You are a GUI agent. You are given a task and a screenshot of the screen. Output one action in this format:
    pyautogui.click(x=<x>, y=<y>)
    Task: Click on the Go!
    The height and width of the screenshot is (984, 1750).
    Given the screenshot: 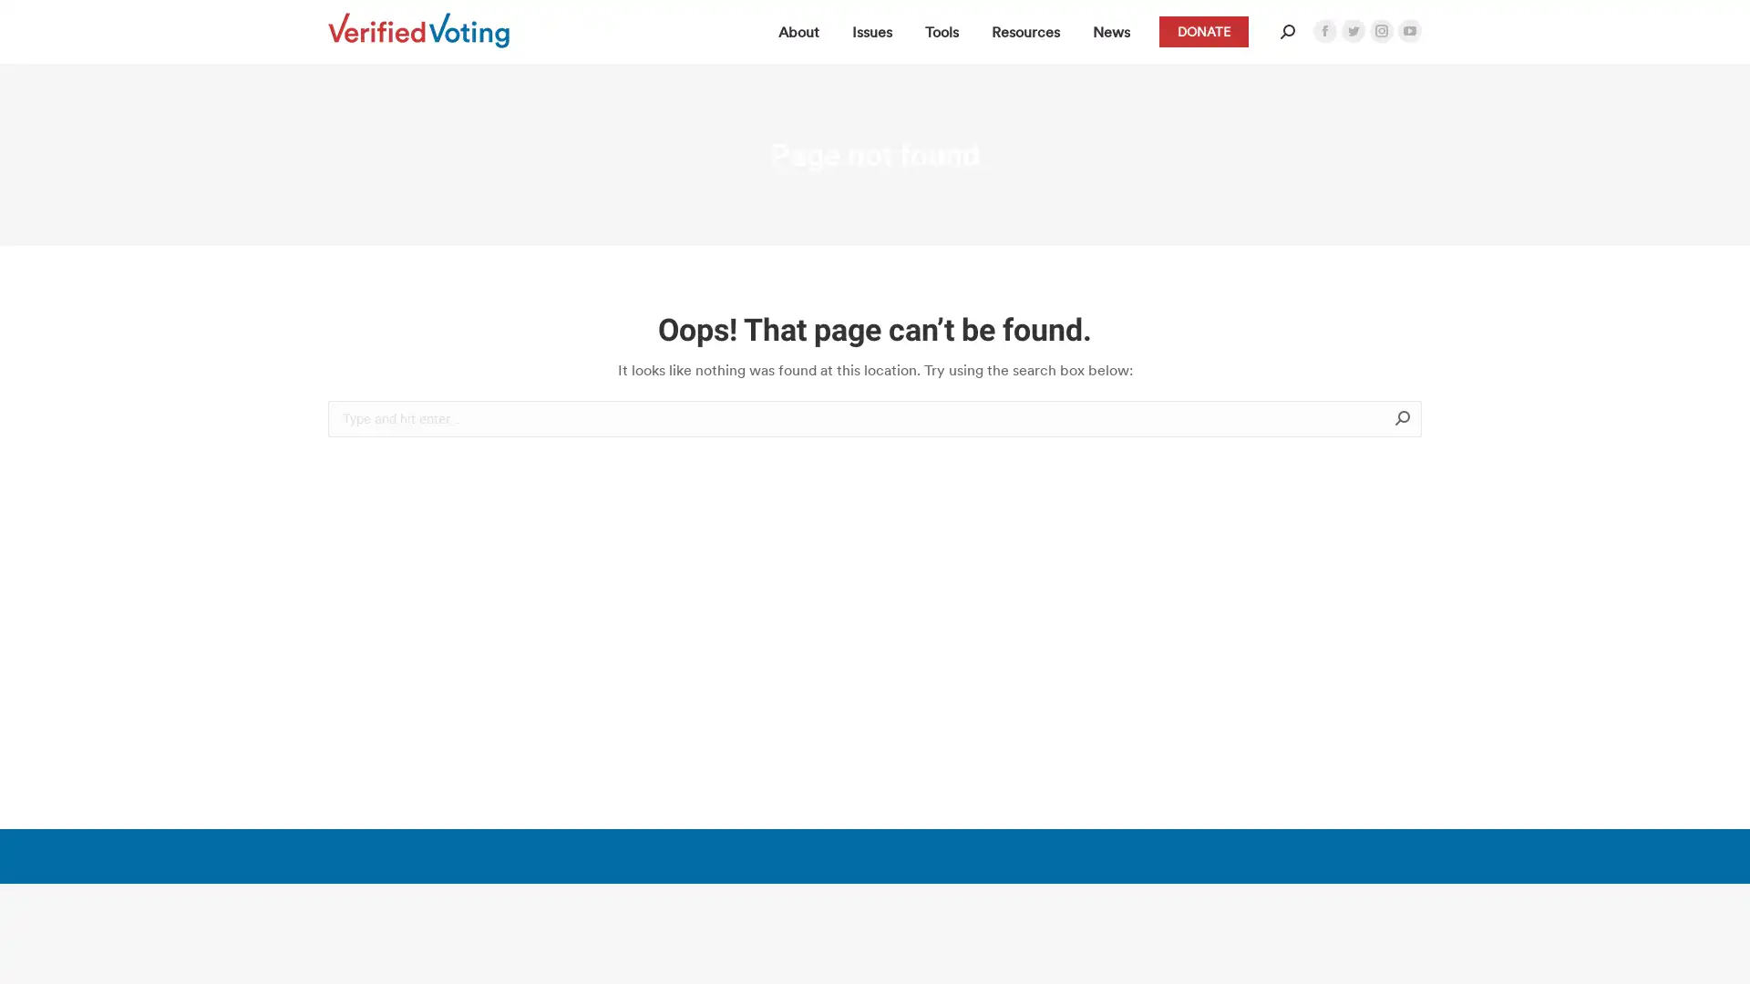 What is the action you would take?
    pyautogui.click(x=1448, y=420)
    